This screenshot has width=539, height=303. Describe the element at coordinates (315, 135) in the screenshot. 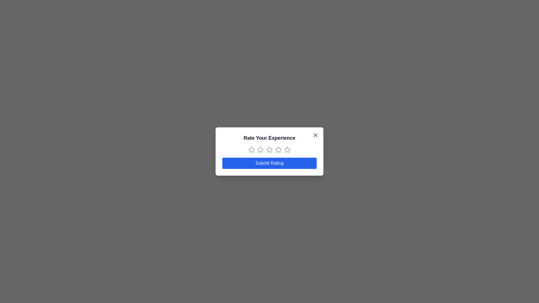

I see `the 'X' button to close the dialog` at that location.